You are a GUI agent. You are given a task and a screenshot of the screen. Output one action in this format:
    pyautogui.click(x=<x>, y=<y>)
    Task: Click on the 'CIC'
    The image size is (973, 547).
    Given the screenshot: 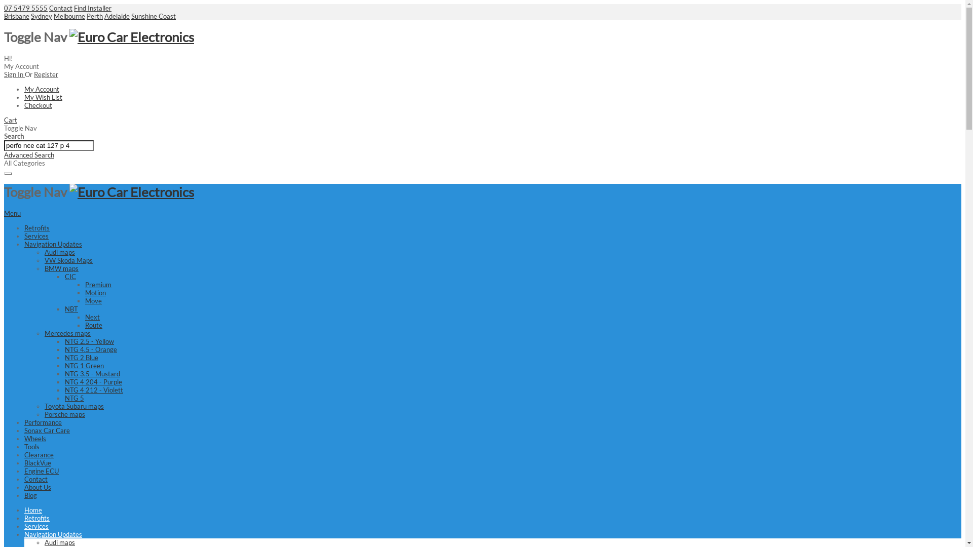 What is the action you would take?
    pyautogui.click(x=70, y=277)
    